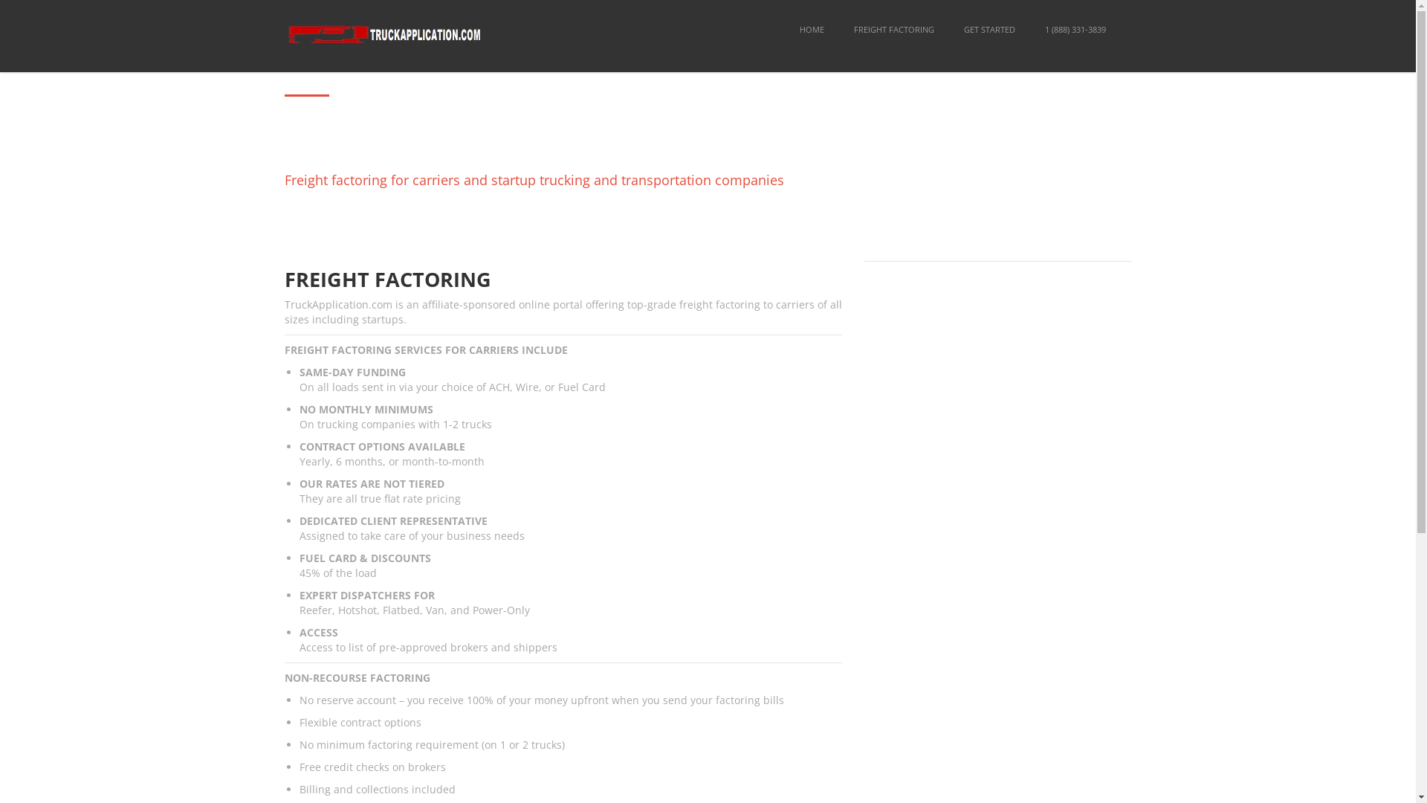 The height and width of the screenshot is (803, 1427). Describe the element at coordinates (1075, 30) in the screenshot. I see `'1 (888) 331-3839'` at that location.